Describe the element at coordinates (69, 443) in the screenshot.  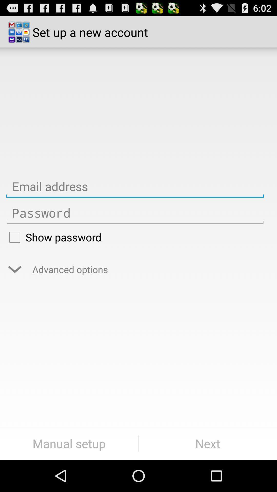
I see `the icon to the left of the next item` at that location.